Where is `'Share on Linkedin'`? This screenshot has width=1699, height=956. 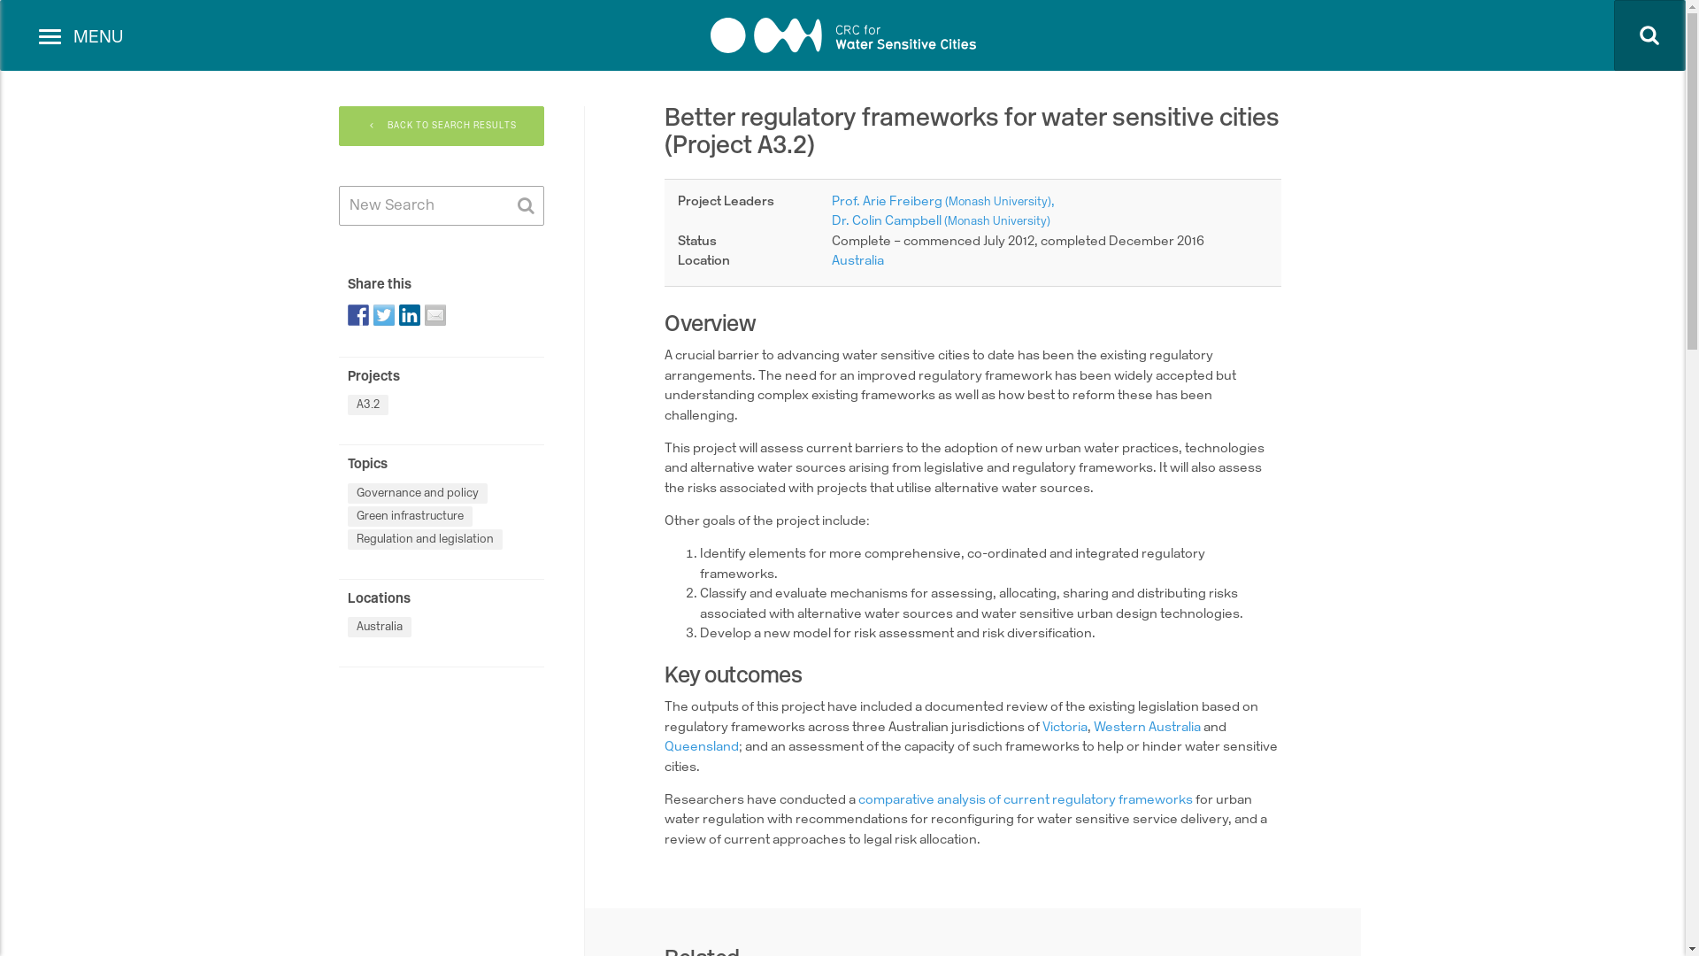
'Share on Linkedin' is located at coordinates (397, 313).